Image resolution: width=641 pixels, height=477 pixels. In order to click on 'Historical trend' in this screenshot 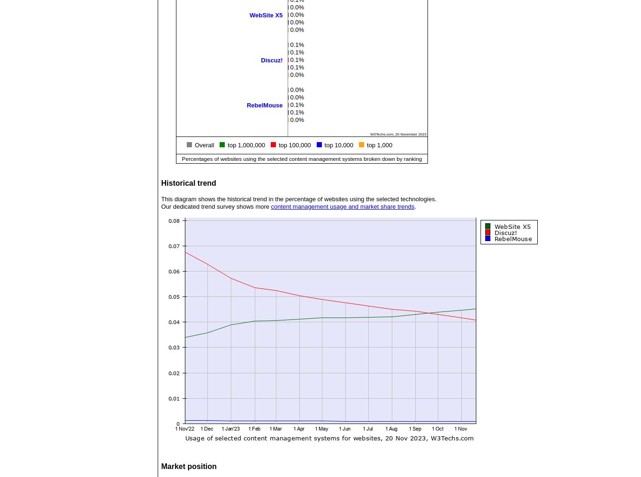, I will do `click(188, 182)`.